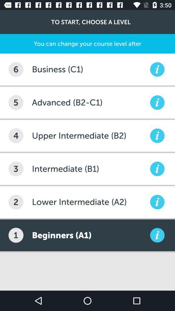  I want to click on more info, so click(157, 168).